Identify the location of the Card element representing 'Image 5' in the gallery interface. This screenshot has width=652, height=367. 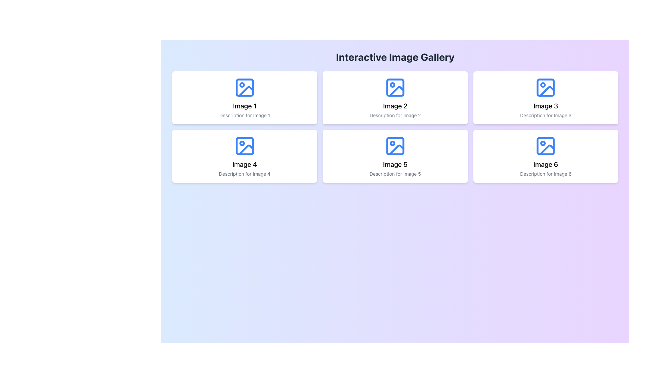
(395, 156).